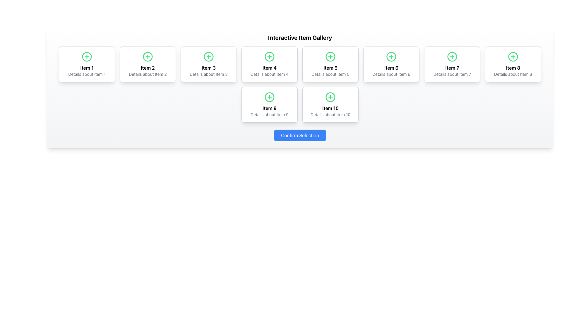 Image resolution: width=562 pixels, height=316 pixels. Describe the element at coordinates (269, 64) in the screenshot. I see `the Card containing a plus icon, bold text 'Item 4', and smaller gray text 'Details about Item 4', which is the fourth element in a horizontally aligned grid` at that location.